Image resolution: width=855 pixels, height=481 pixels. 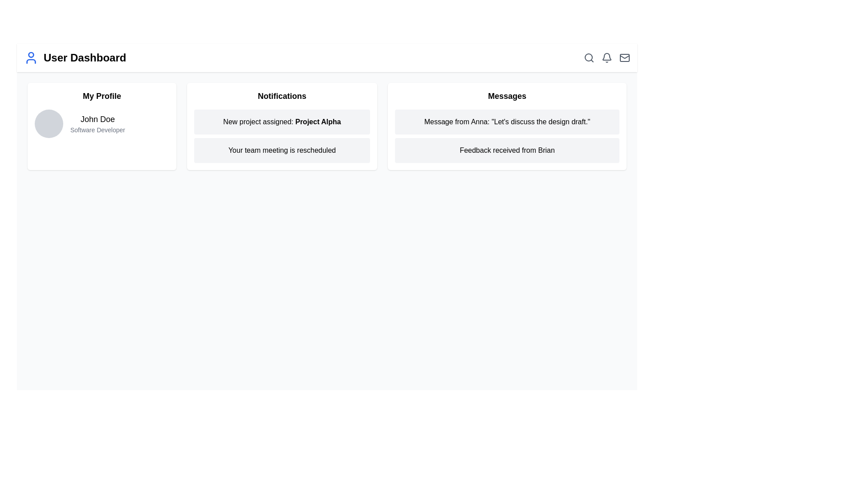 What do you see at coordinates (507, 126) in the screenshot?
I see `titles and messages within the Informational card titled 'Messages', which contains messages from Anna and Brian` at bounding box center [507, 126].